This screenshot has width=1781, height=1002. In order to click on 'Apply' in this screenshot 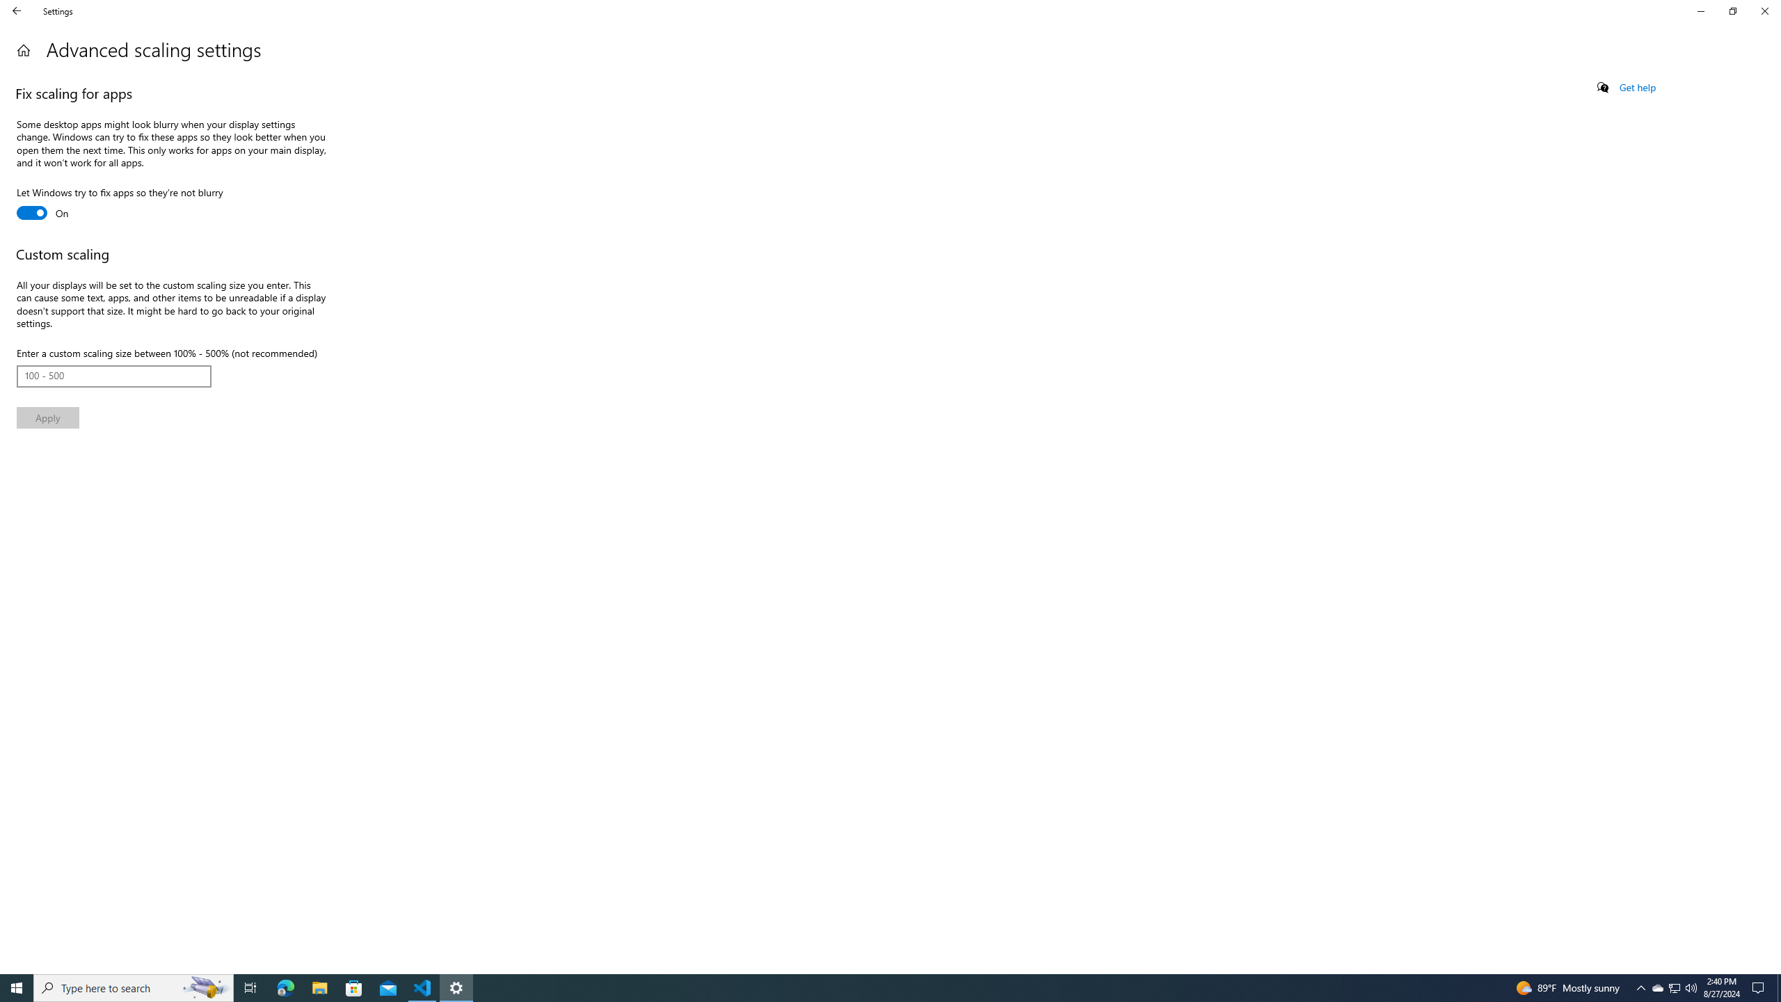, I will do `click(48, 417)`.